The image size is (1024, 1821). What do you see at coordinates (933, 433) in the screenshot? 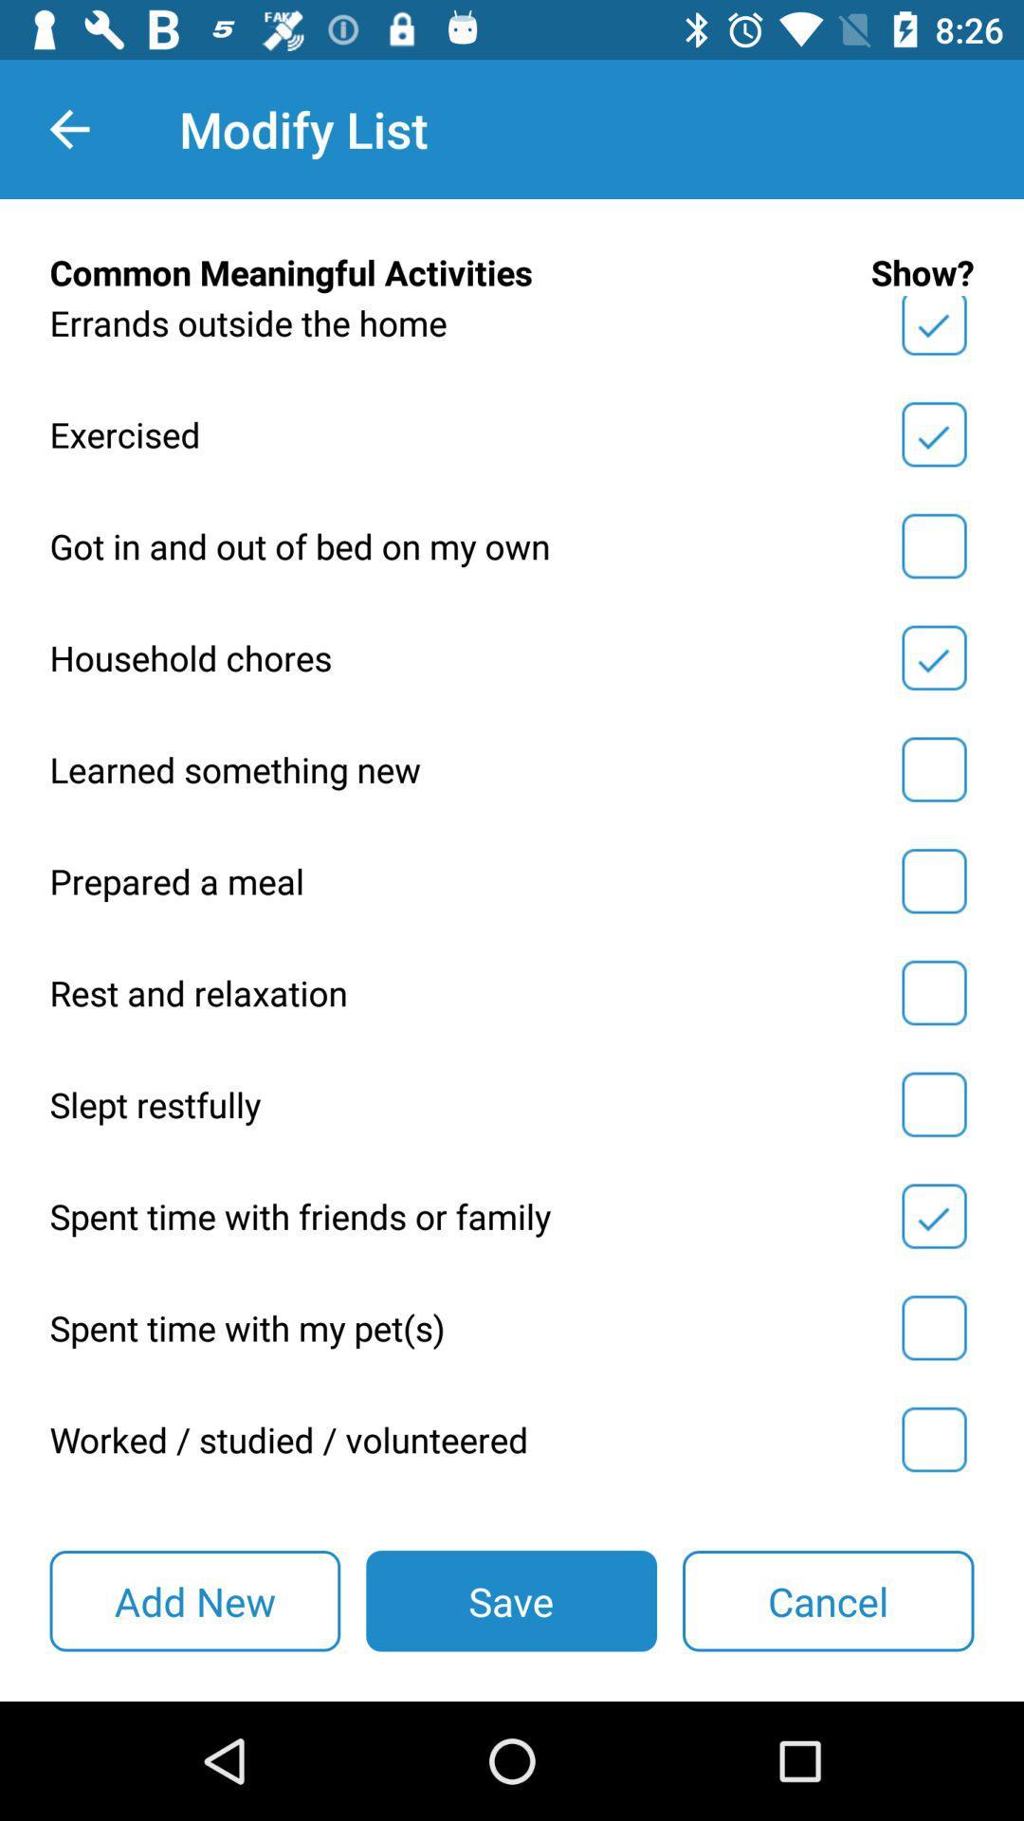
I see `show box` at bounding box center [933, 433].